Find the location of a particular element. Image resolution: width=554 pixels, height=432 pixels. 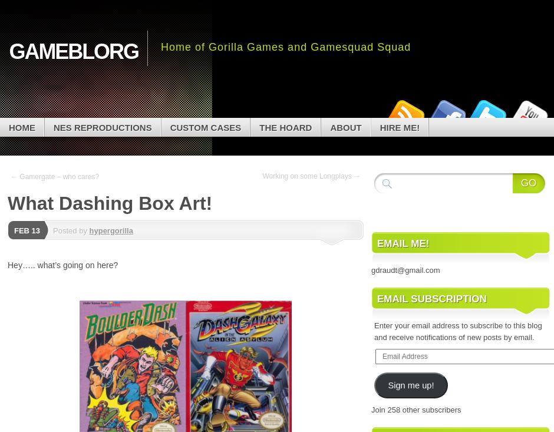

'NES Reproductions' is located at coordinates (102, 126).